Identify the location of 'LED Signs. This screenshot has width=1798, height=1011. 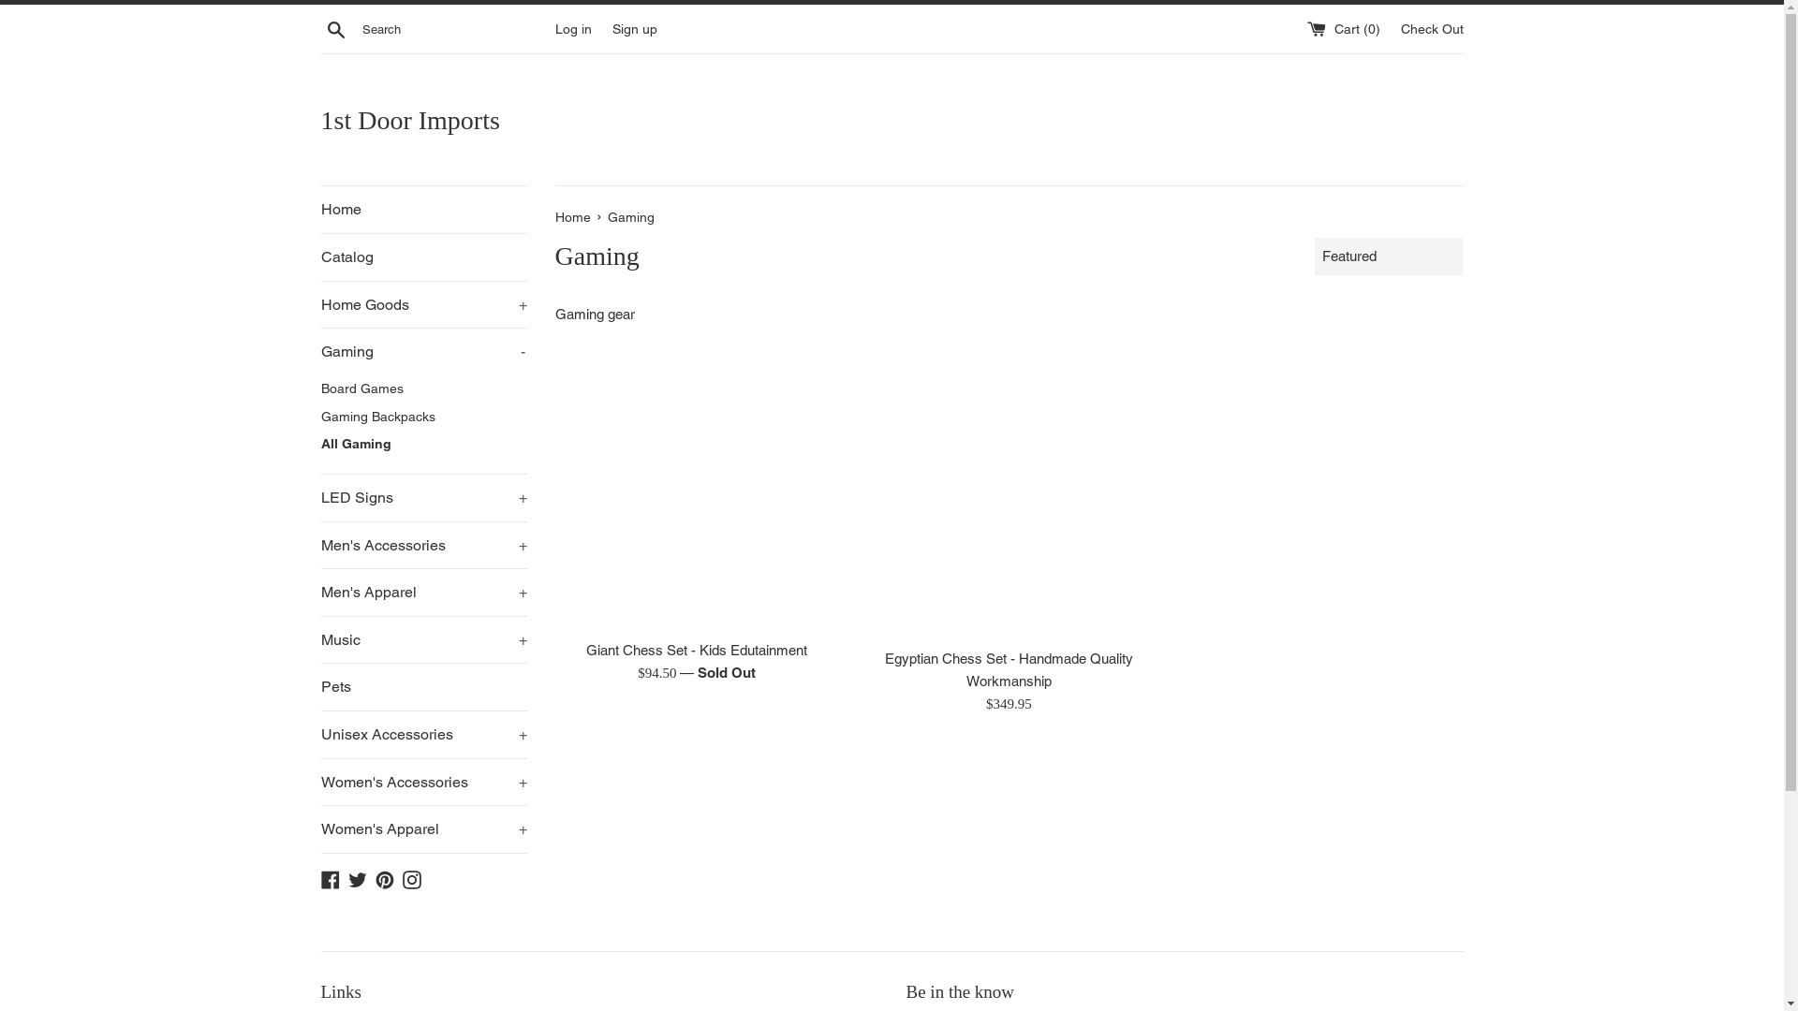
(421, 497).